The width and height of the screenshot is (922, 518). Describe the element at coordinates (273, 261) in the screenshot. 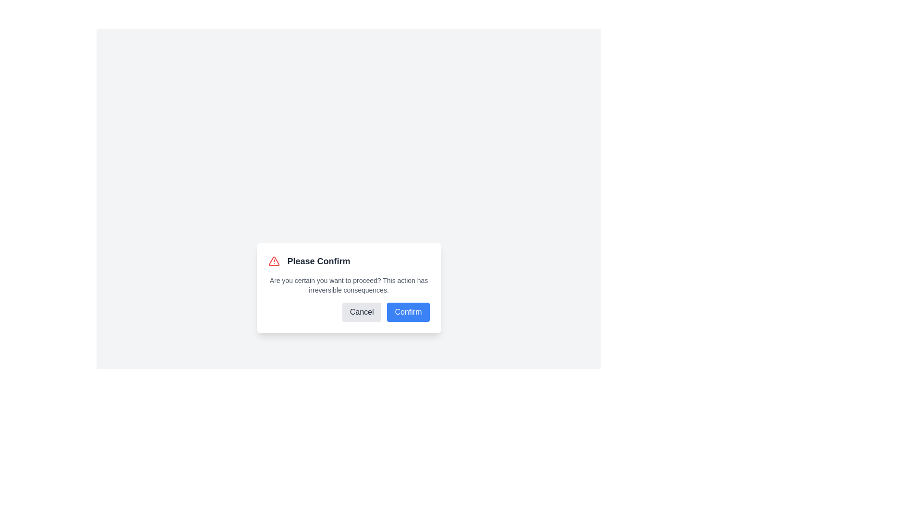

I see `the red triangular alert icon located to the left of the text 'Please Confirm'` at that location.